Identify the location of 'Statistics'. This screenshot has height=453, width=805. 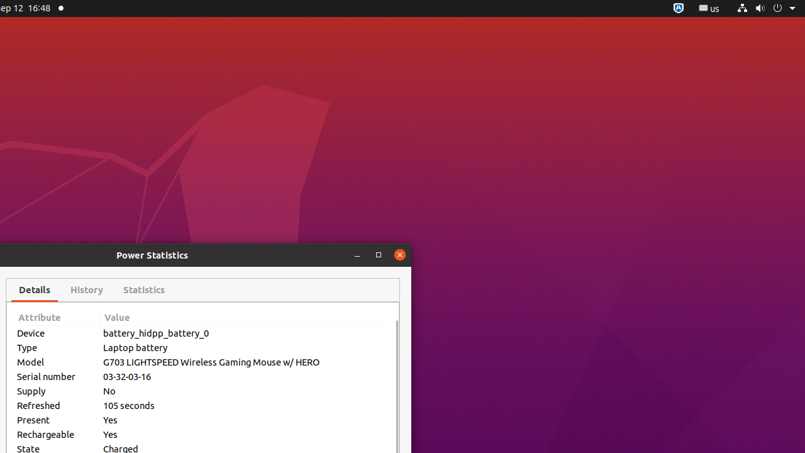
(143, 290).